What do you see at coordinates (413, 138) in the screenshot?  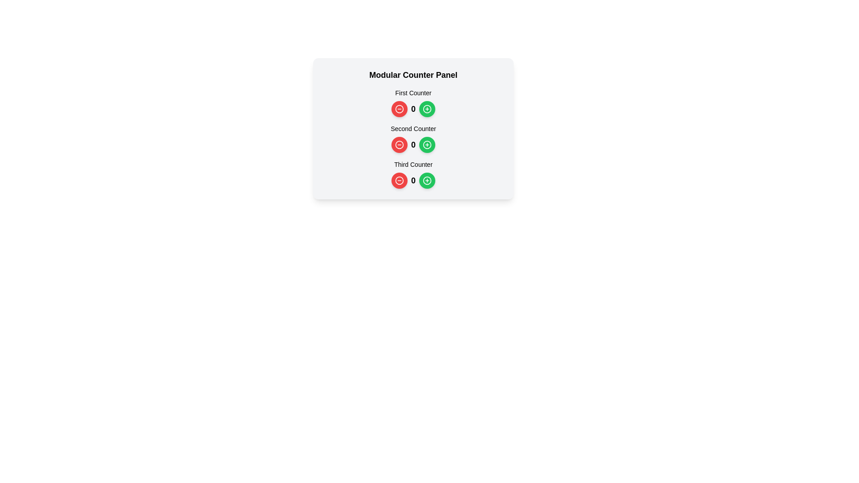 I see `the 'Second Counter' element which displays the current count, located between the 'First Counter' and 'Third Counter' in the vertically stacked arrangement` at bounding box center [413, 138].